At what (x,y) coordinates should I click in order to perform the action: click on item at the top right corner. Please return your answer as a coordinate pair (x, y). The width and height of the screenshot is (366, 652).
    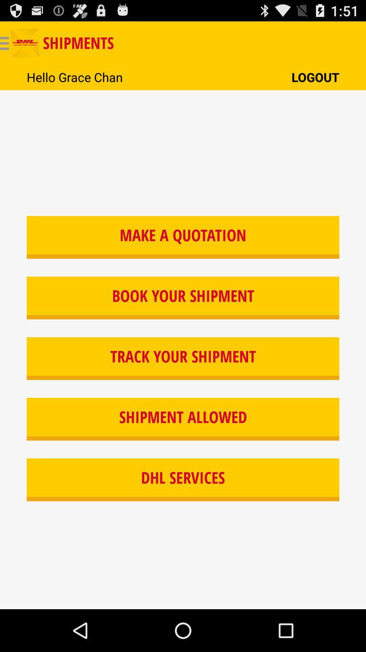
    Looking at the image, I should click on (315, 77).